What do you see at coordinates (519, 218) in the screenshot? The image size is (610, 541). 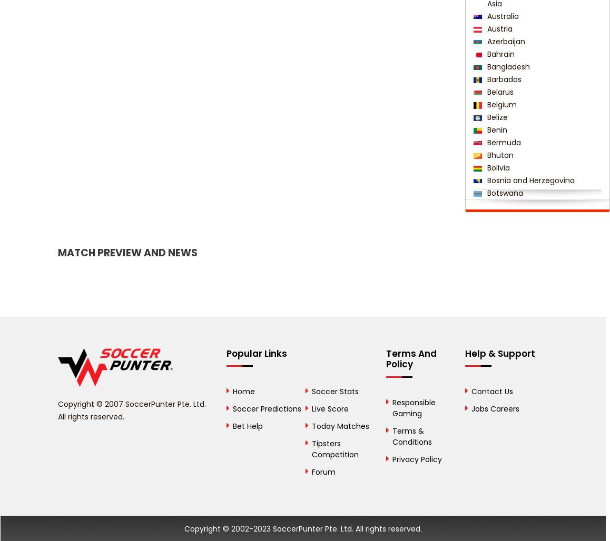 I see `'Brunei Darussalam'` at bounding box center [519, 218].